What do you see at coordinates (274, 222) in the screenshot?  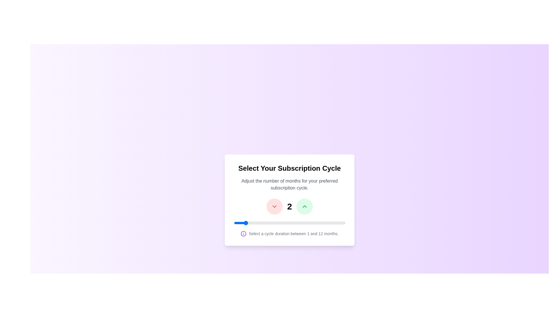 I see `the subscription duration` at bounding box center [274, 222].